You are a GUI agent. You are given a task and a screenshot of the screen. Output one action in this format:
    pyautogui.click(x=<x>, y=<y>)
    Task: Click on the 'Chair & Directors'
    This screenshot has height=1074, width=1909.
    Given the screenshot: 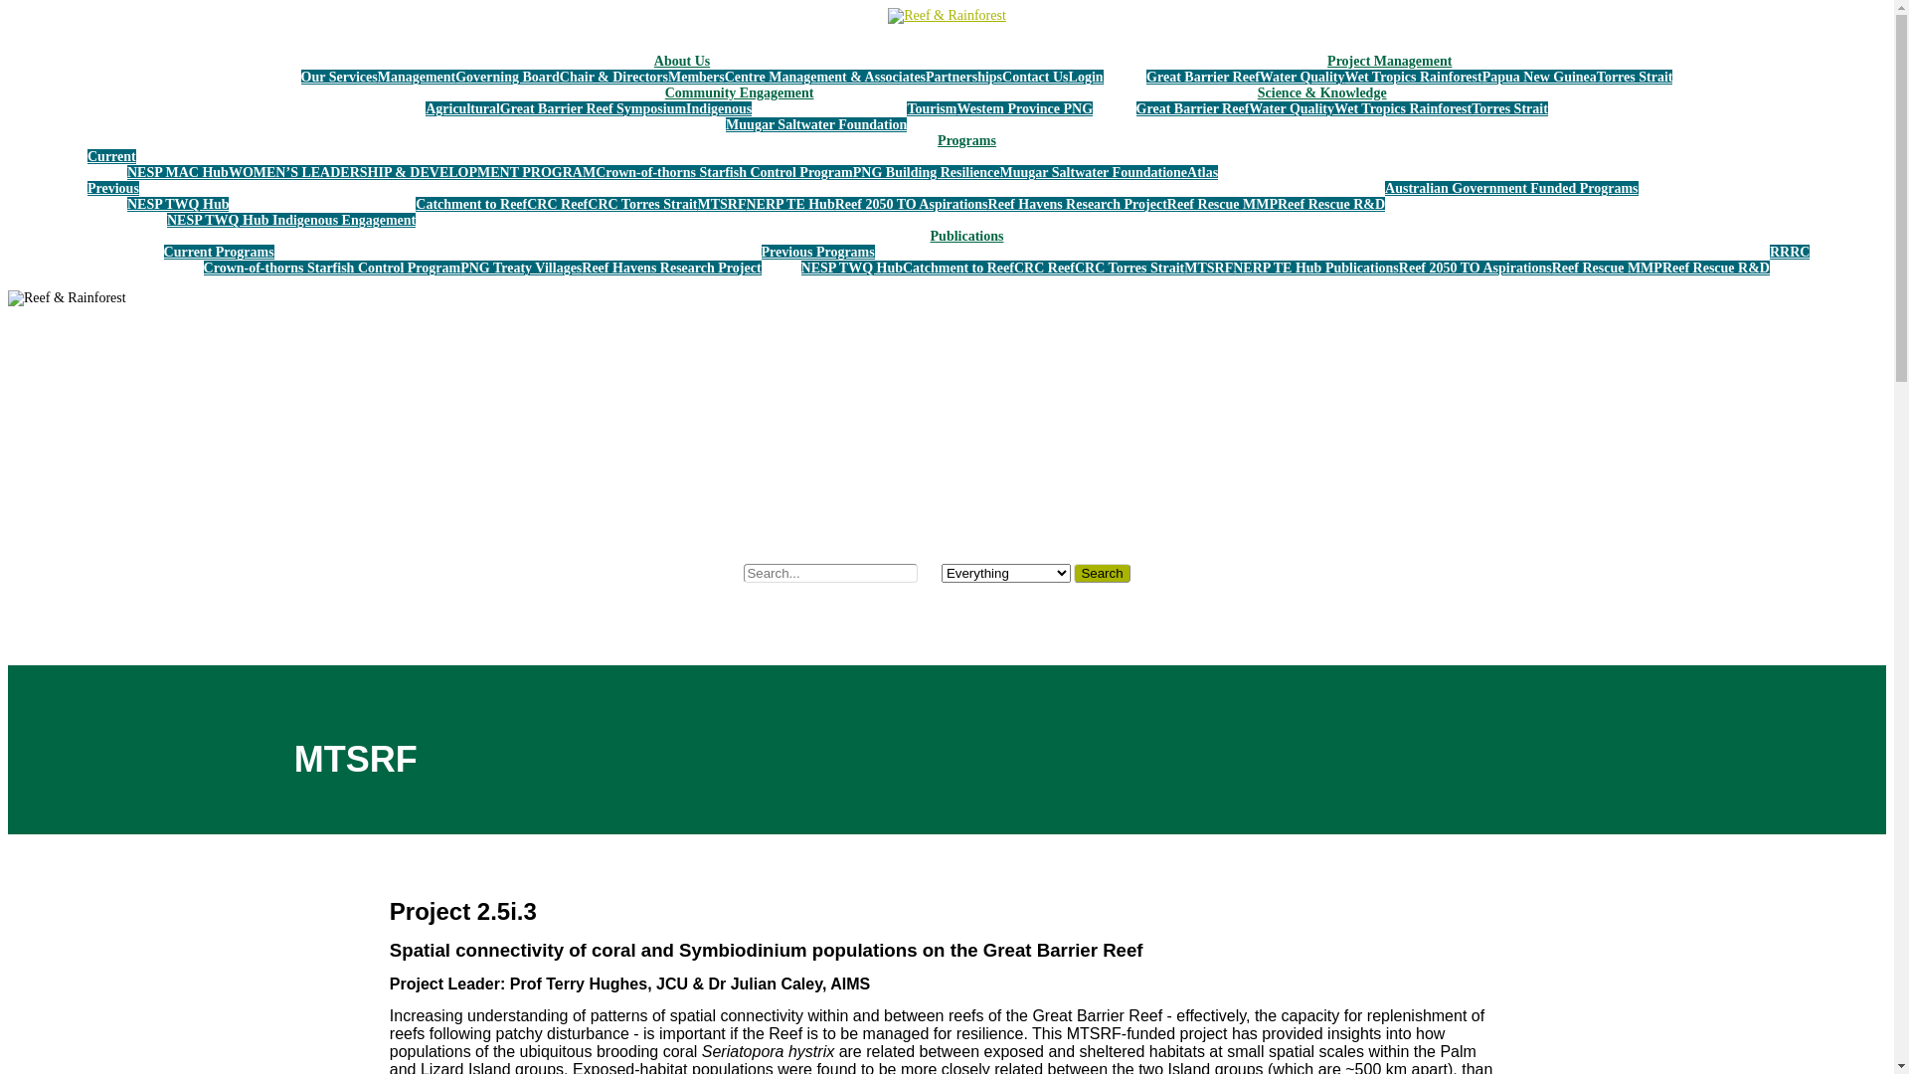 What is the action you would take?
    pyautogui.click(x=612, y=76)
    